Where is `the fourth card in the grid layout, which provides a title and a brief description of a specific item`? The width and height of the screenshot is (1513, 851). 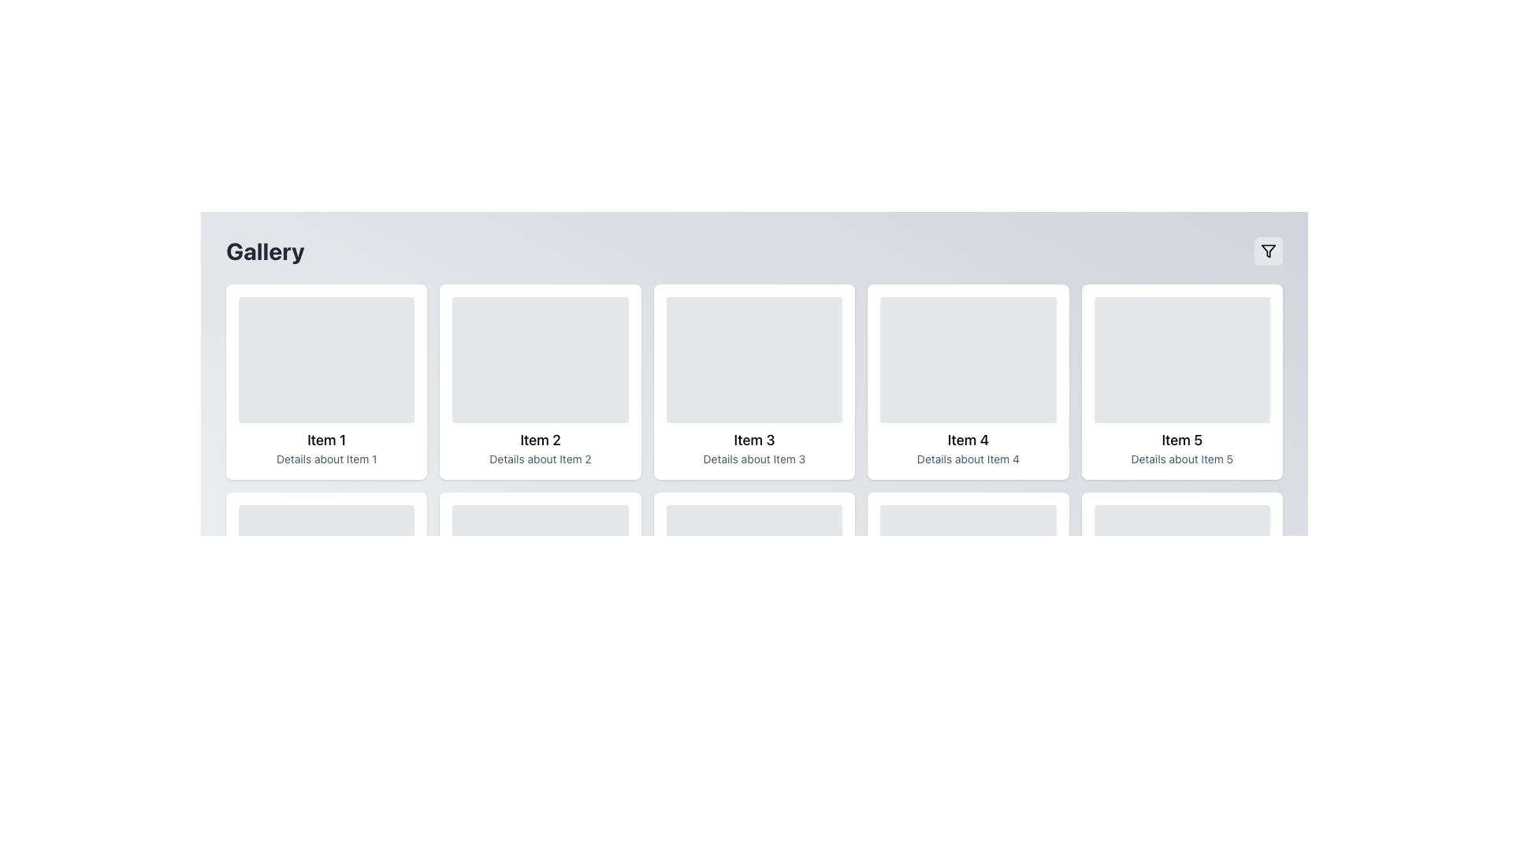
the fourth card in the grid layout, which provides a title and a brief description of a specific item is located at coordinates (967, 382).